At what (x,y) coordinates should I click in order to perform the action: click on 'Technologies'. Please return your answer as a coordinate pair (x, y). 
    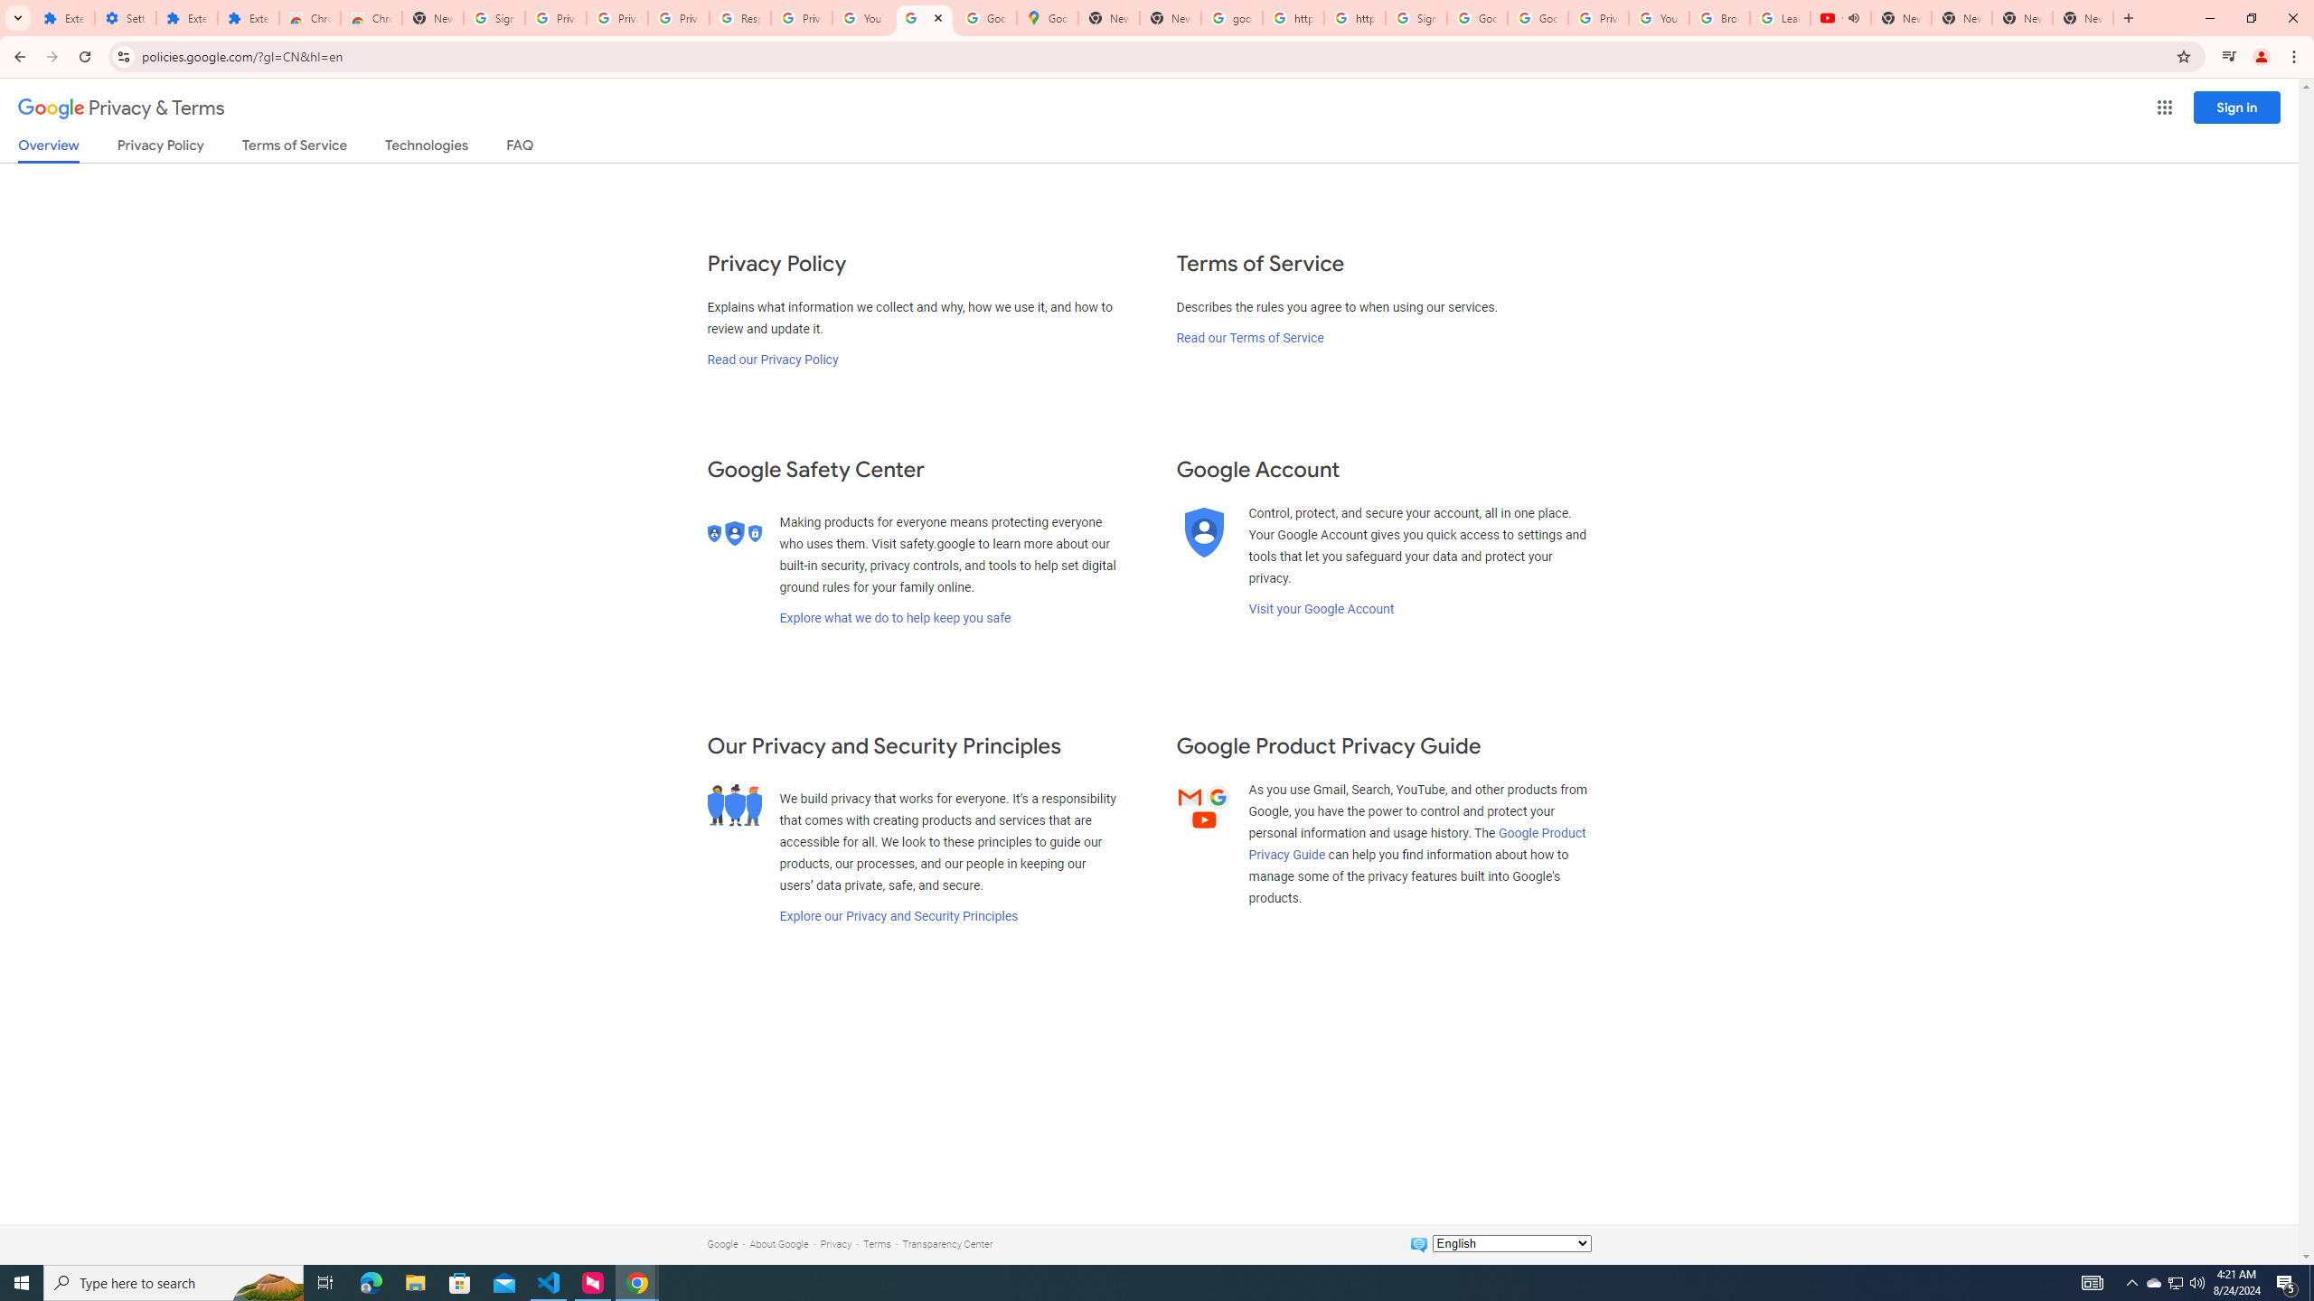
    Looking at the image, I should click on (427, 148).